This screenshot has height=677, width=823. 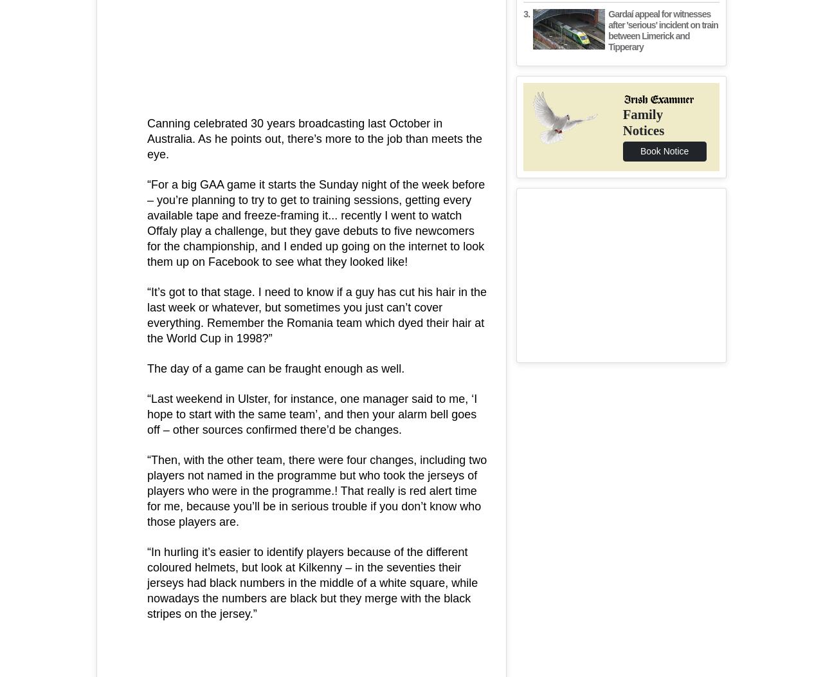 I want to click on 'Cookie Policy', so click(x=489, y=284).